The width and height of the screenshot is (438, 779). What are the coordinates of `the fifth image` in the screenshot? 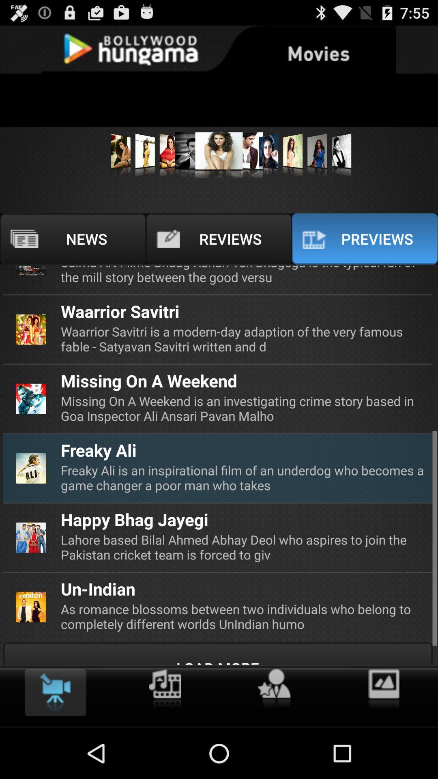 It's located at (219, 155).